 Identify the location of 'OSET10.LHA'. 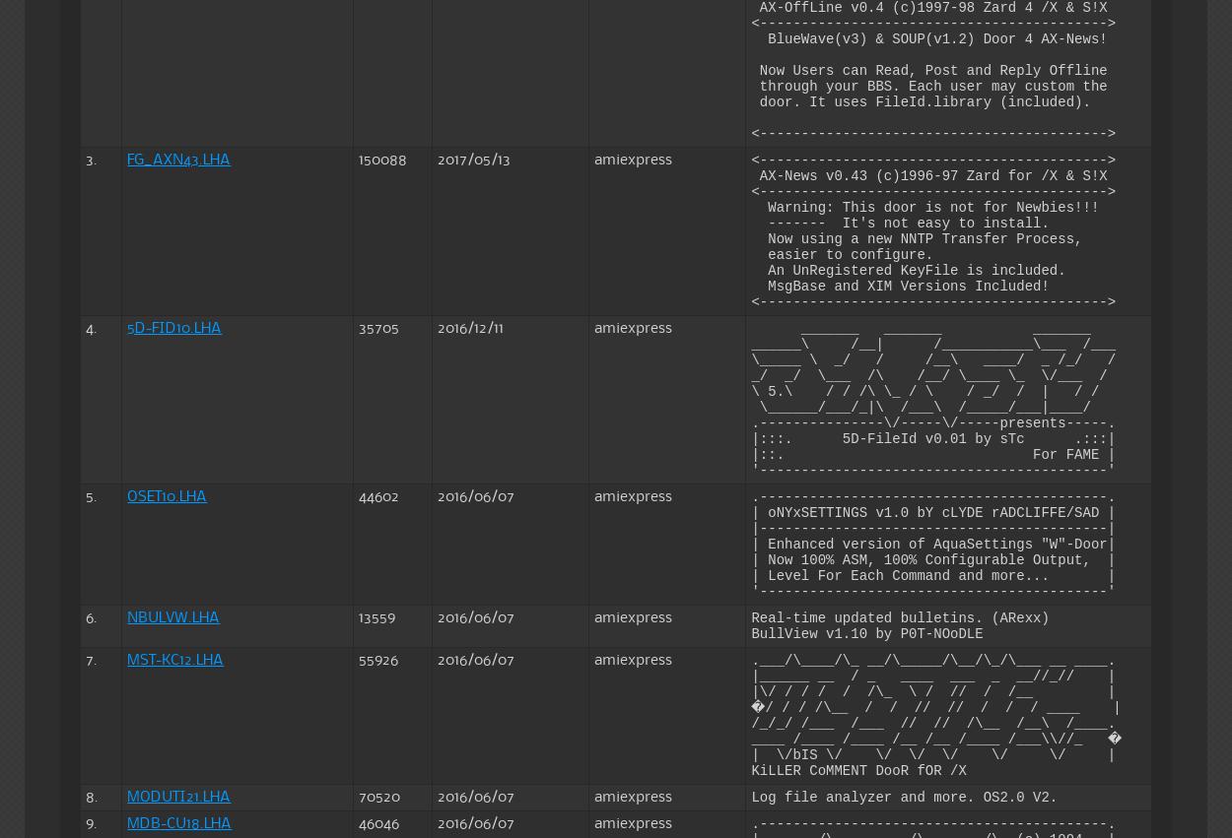
(167, 494).